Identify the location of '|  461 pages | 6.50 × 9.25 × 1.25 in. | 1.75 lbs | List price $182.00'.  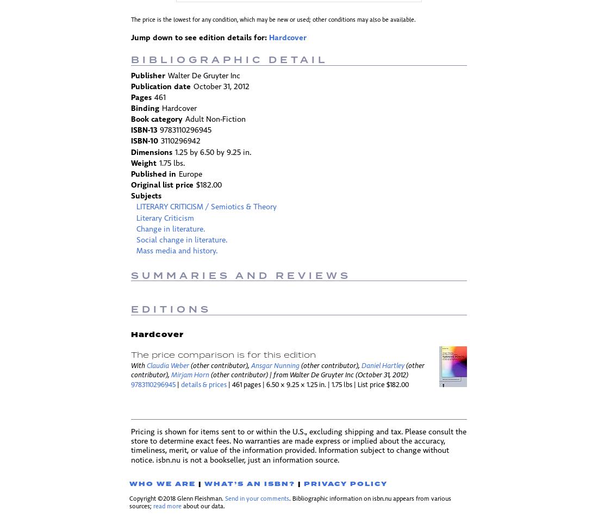
(317, 384).